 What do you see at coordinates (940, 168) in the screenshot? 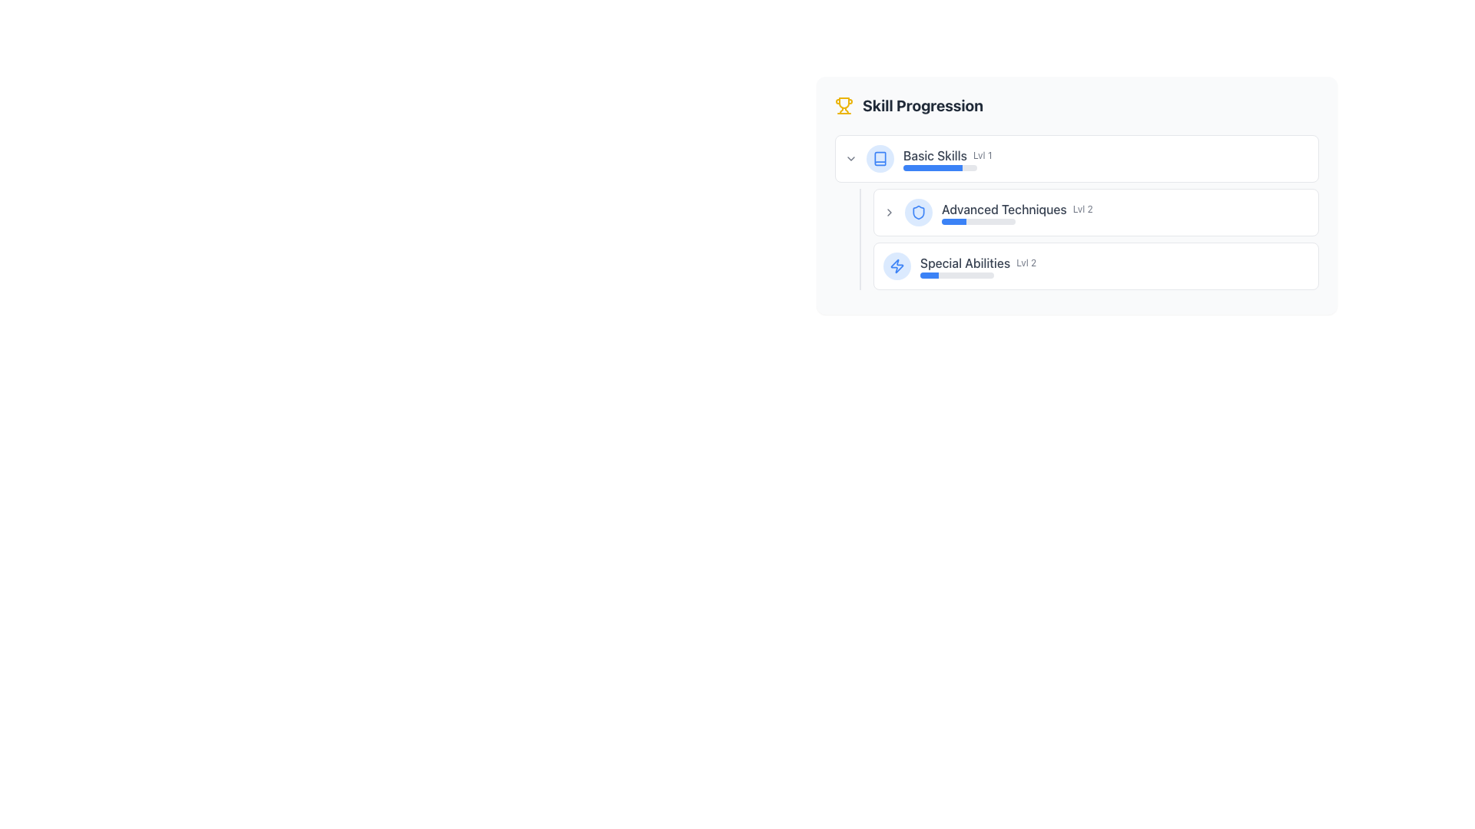
I see `the progress bar located below the text 'Basic Skills Lvl 1' in the 'Skill Progression' panel, which has a gray background and a blue fill indicating 80% progress` at bounding box center [940, 168].